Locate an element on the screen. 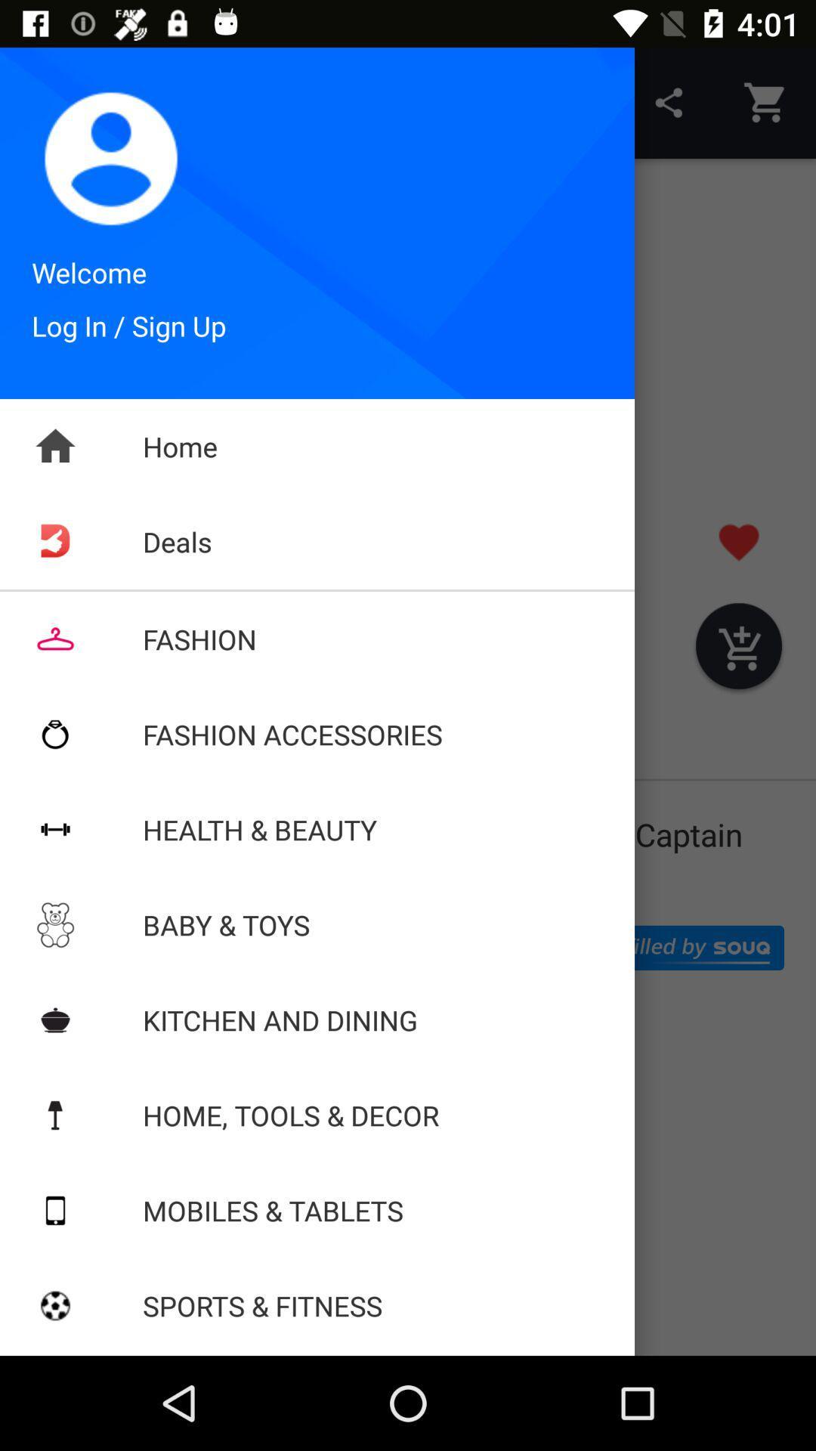 Image resolution: width=816 pixels, height=1451 pixels. the favorite icon is located at coordinates (738, 542).